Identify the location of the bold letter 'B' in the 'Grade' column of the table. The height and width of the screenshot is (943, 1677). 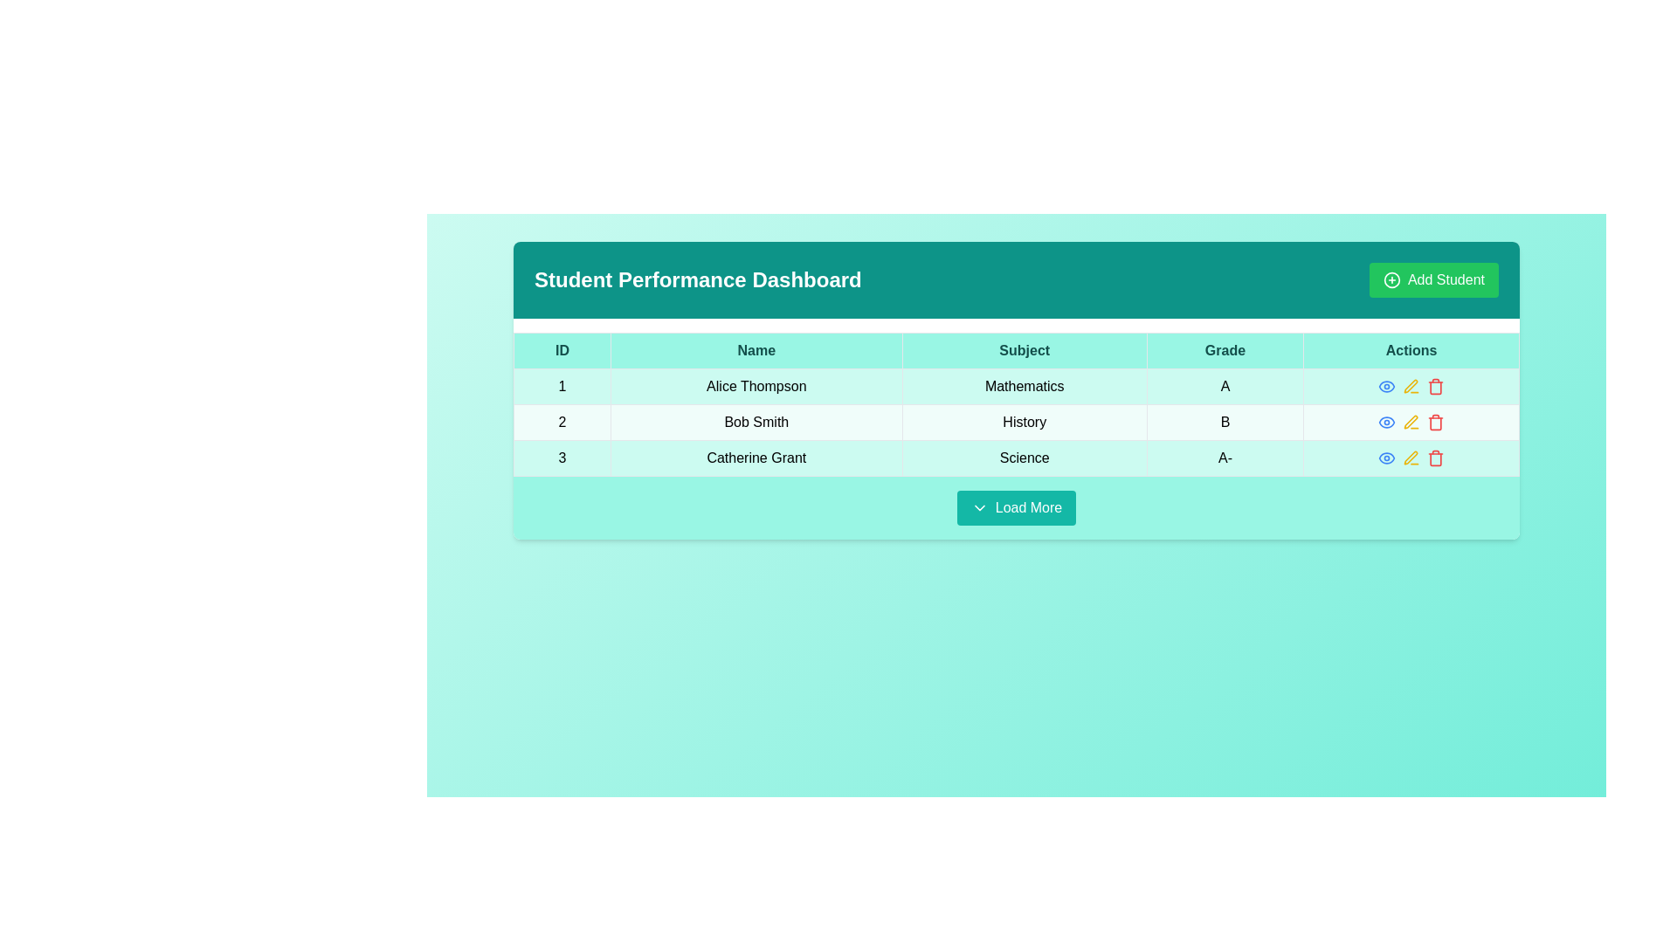
(1224, 422).